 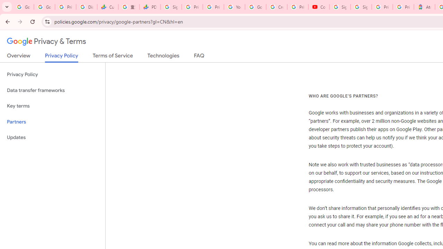 What do you see at coordinates (318, 7) in the screenshot?
I see `'Content Creator Programs & Opportunities - YouTube Creators'` at bounding box center [318, 7].